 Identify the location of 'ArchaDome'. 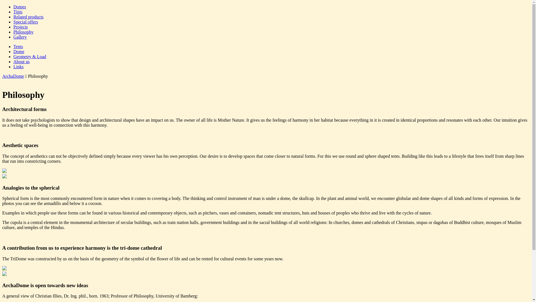
(13, 76).